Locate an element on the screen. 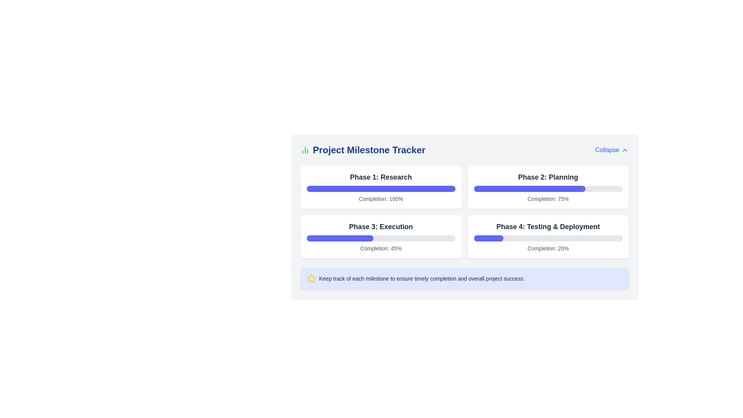  the completion status of the progress indicator, which is a blue filled horizontal bar representing 45% completion, located below the text 'Phase 3: Execution' is located at coordinates (340, 238).